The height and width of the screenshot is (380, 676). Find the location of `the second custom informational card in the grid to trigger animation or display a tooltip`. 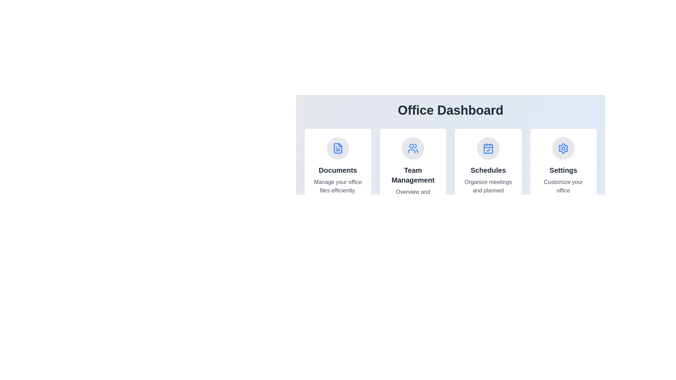

the second custom informational card in the grid to trigger animation or display a tooltip is located at coordinates (413, 175).